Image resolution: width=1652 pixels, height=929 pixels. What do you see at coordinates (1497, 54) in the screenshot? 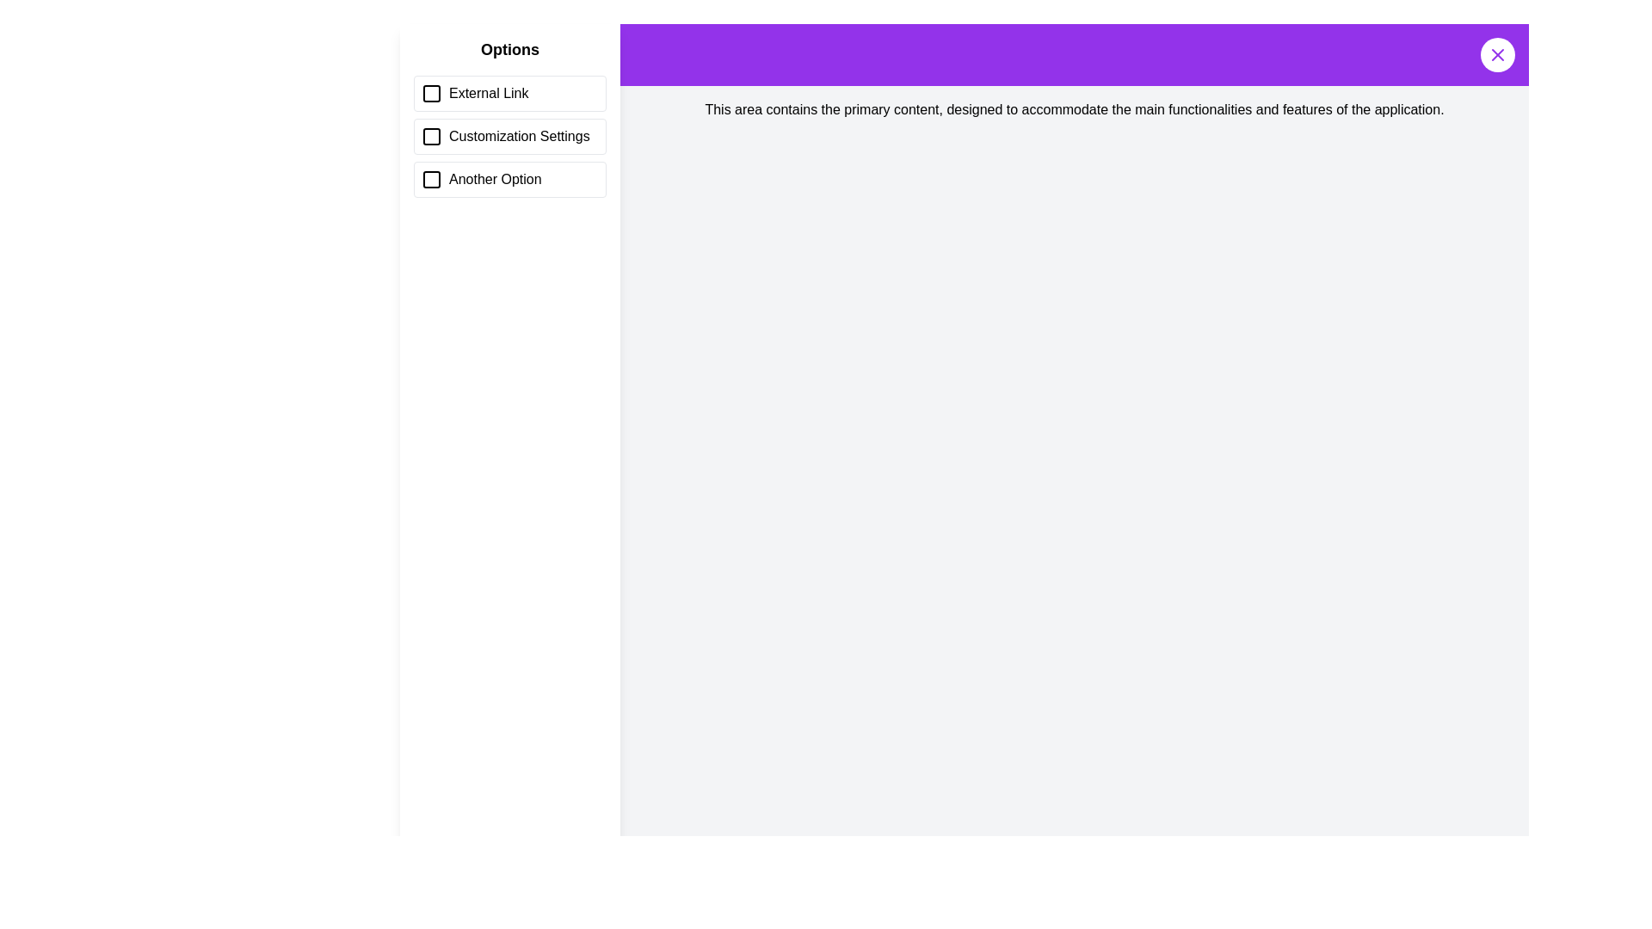
I see `the close button located in the upper right corner of the interface within the purple rectangular header area` at bounding box center [1497, 54].